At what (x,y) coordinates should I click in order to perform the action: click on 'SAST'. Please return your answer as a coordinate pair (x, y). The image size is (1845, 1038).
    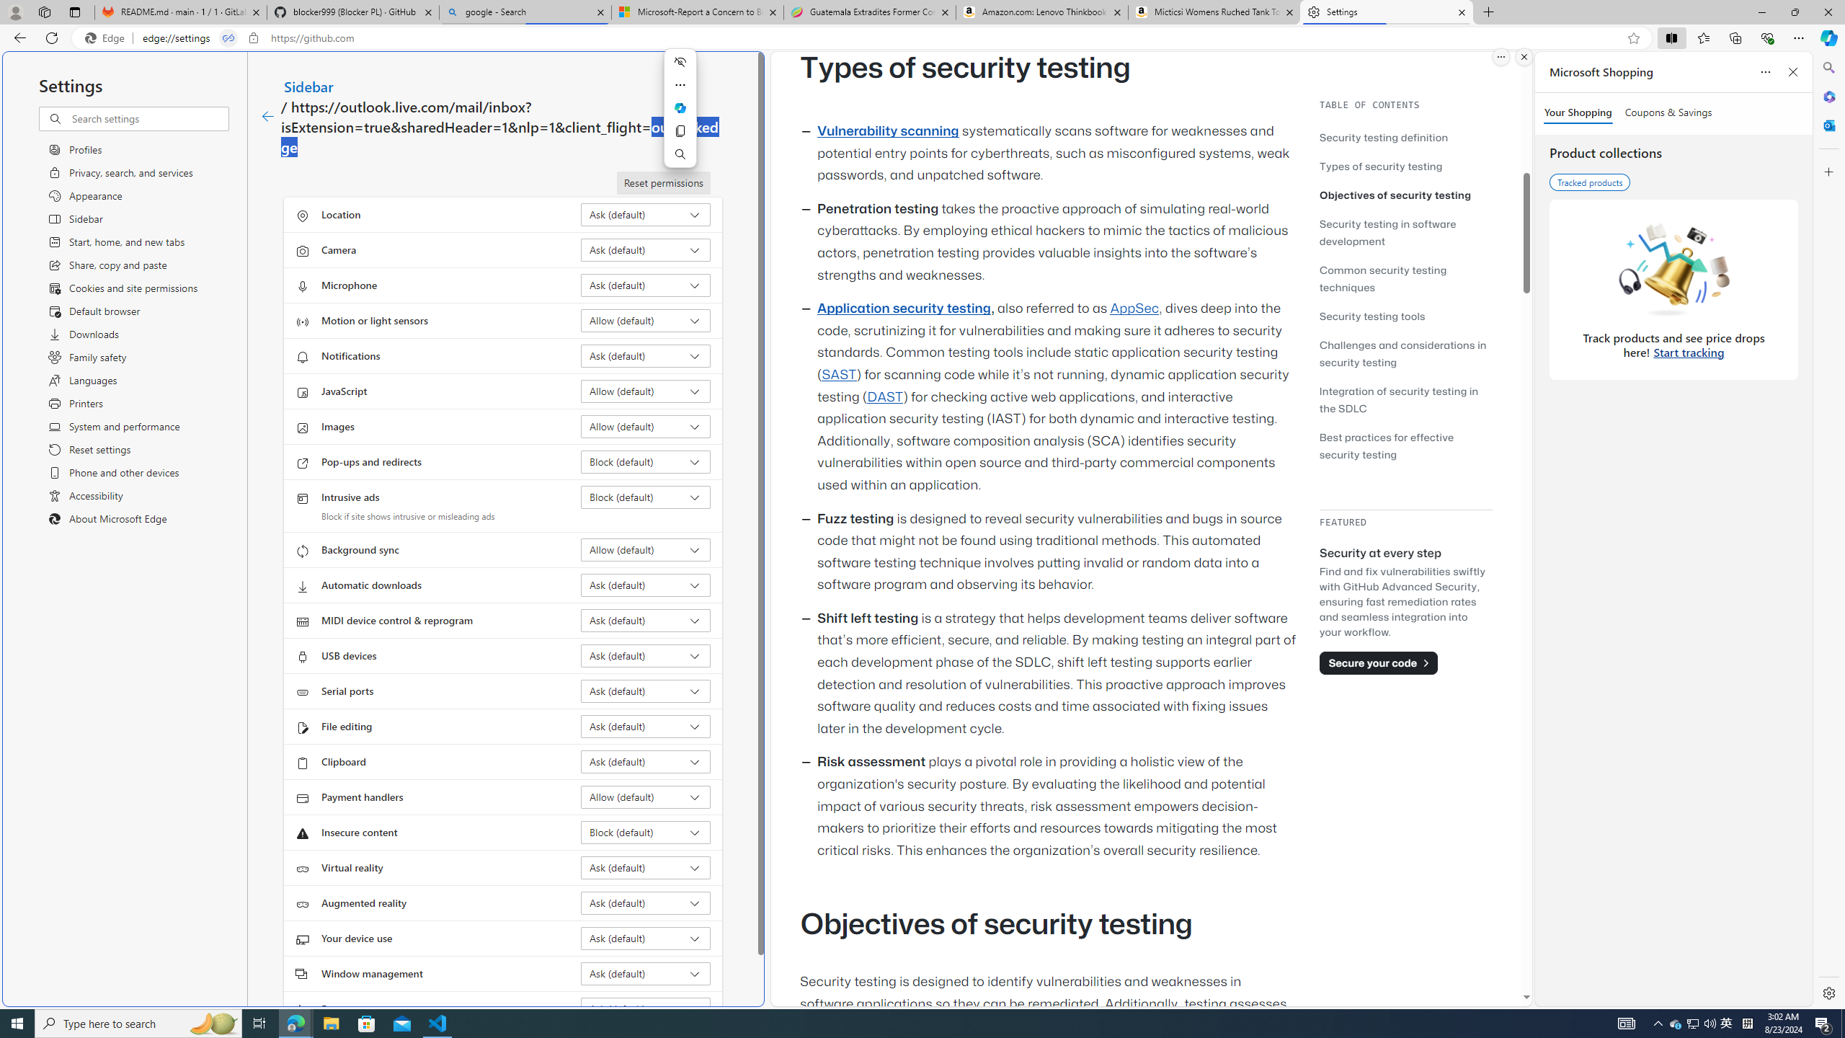
    Looking at the image, I should click on (837, 373).